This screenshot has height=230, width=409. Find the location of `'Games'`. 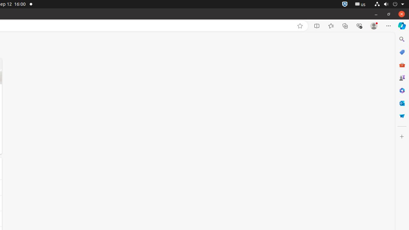

'Games' is located at coordinates (401, 77).